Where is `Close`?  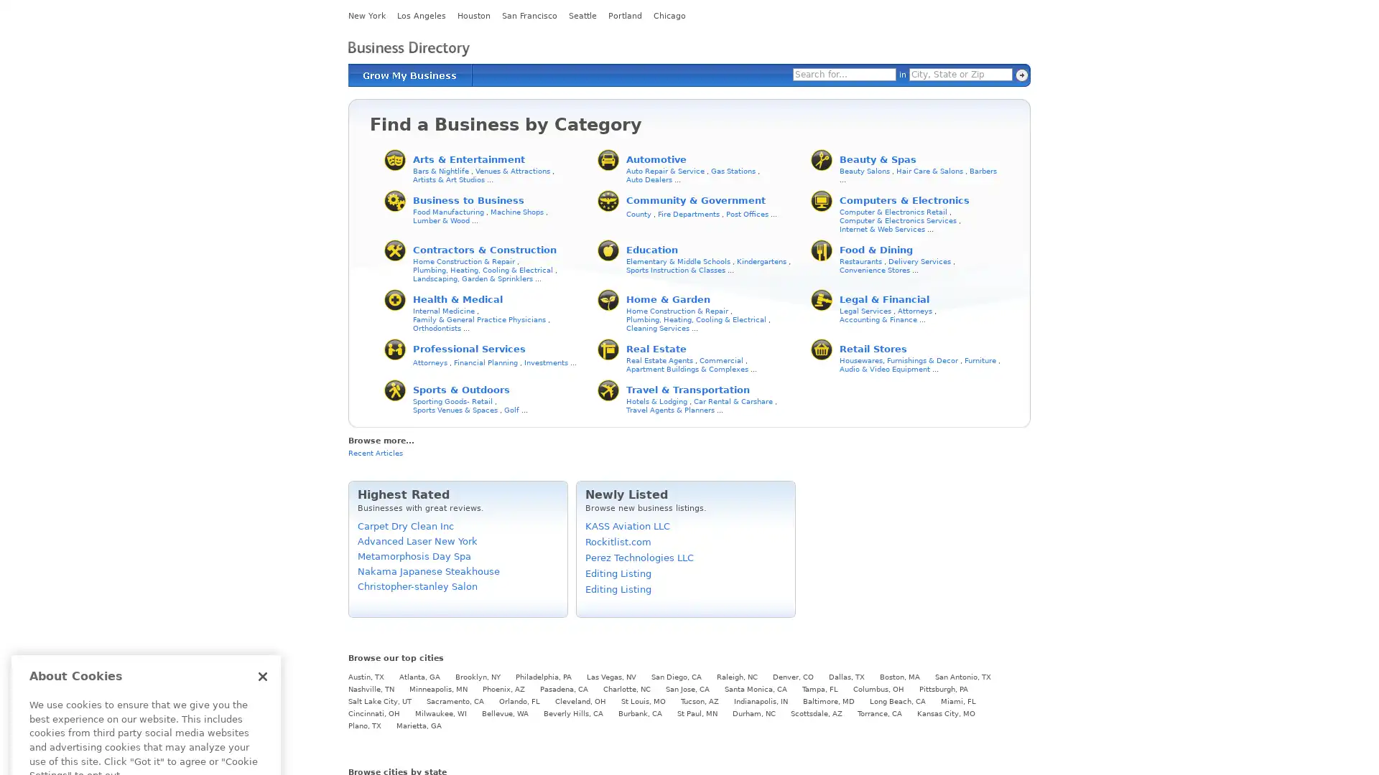
Close is located at coordinates (262, 537).